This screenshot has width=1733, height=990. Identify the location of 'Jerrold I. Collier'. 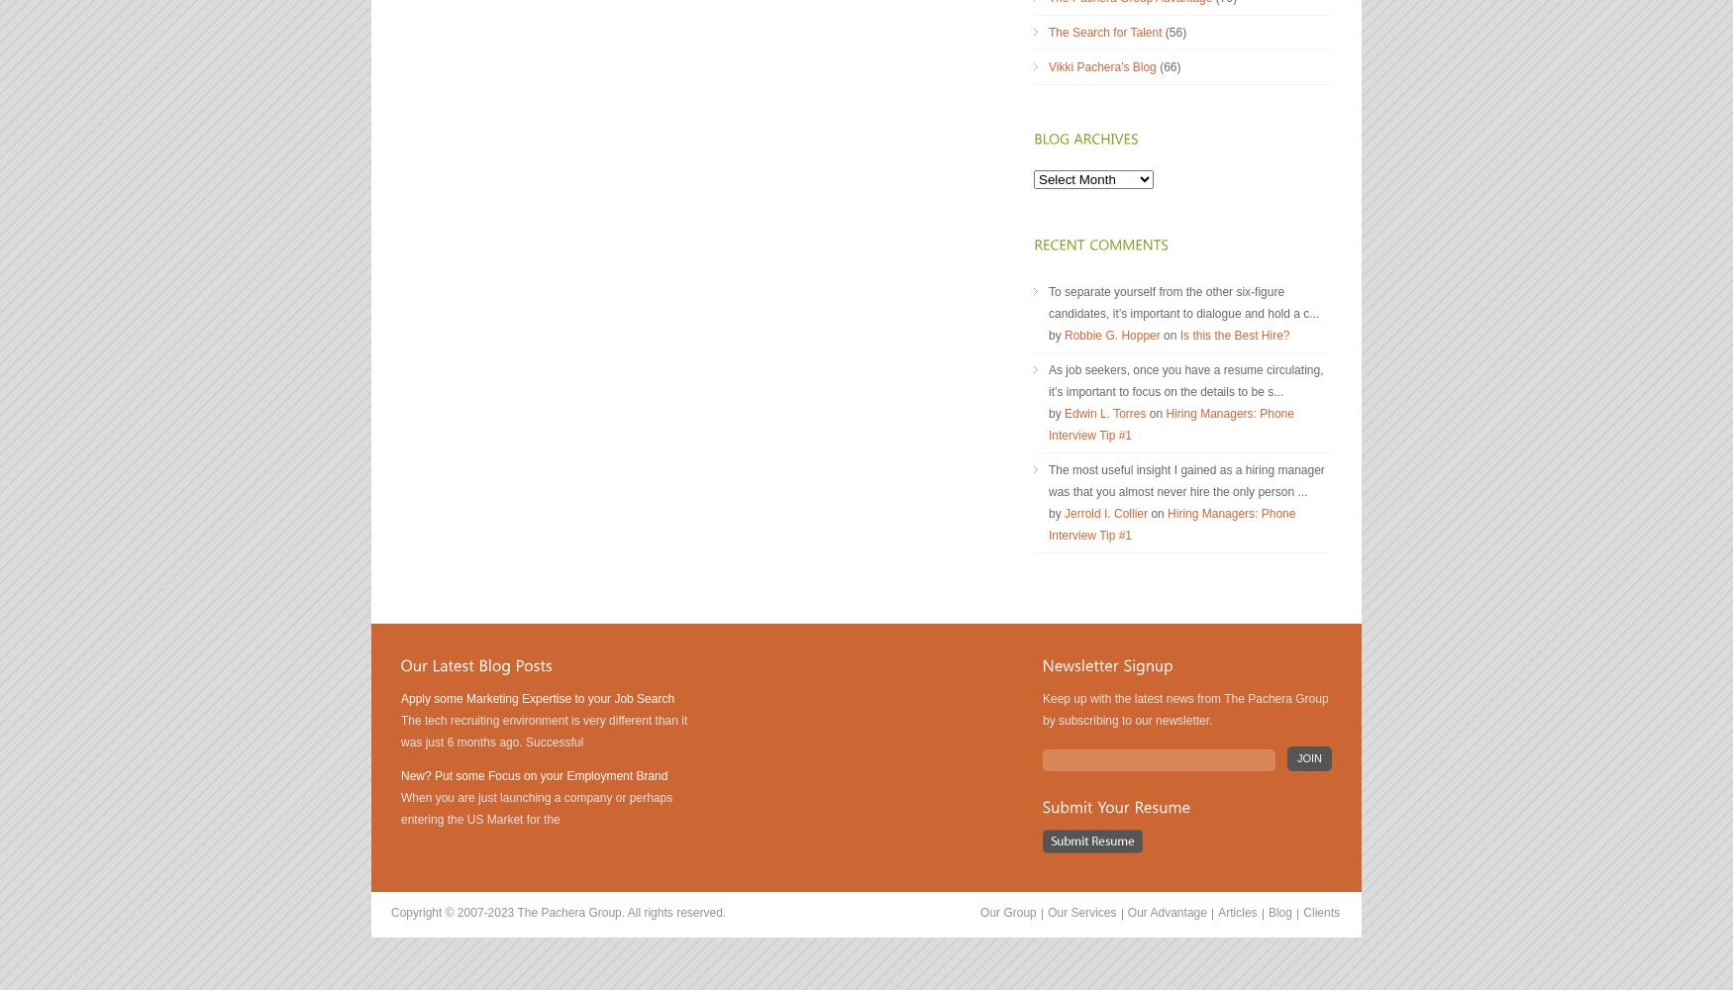
(1106, 514).